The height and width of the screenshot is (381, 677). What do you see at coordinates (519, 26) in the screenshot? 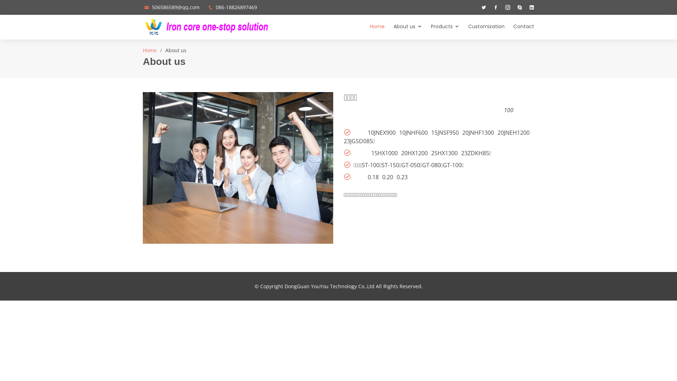
I see `'Contact'` at bounding box center [519, 26].